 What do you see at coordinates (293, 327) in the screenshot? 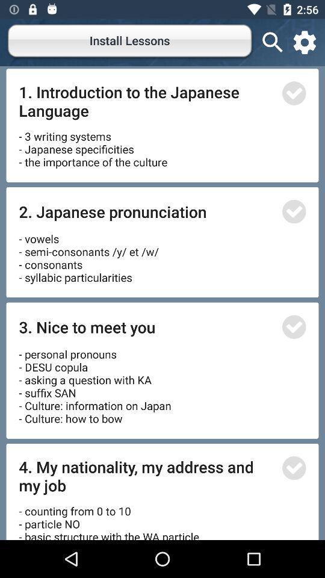
I see `enhance button` at bounding box center [293, 327].